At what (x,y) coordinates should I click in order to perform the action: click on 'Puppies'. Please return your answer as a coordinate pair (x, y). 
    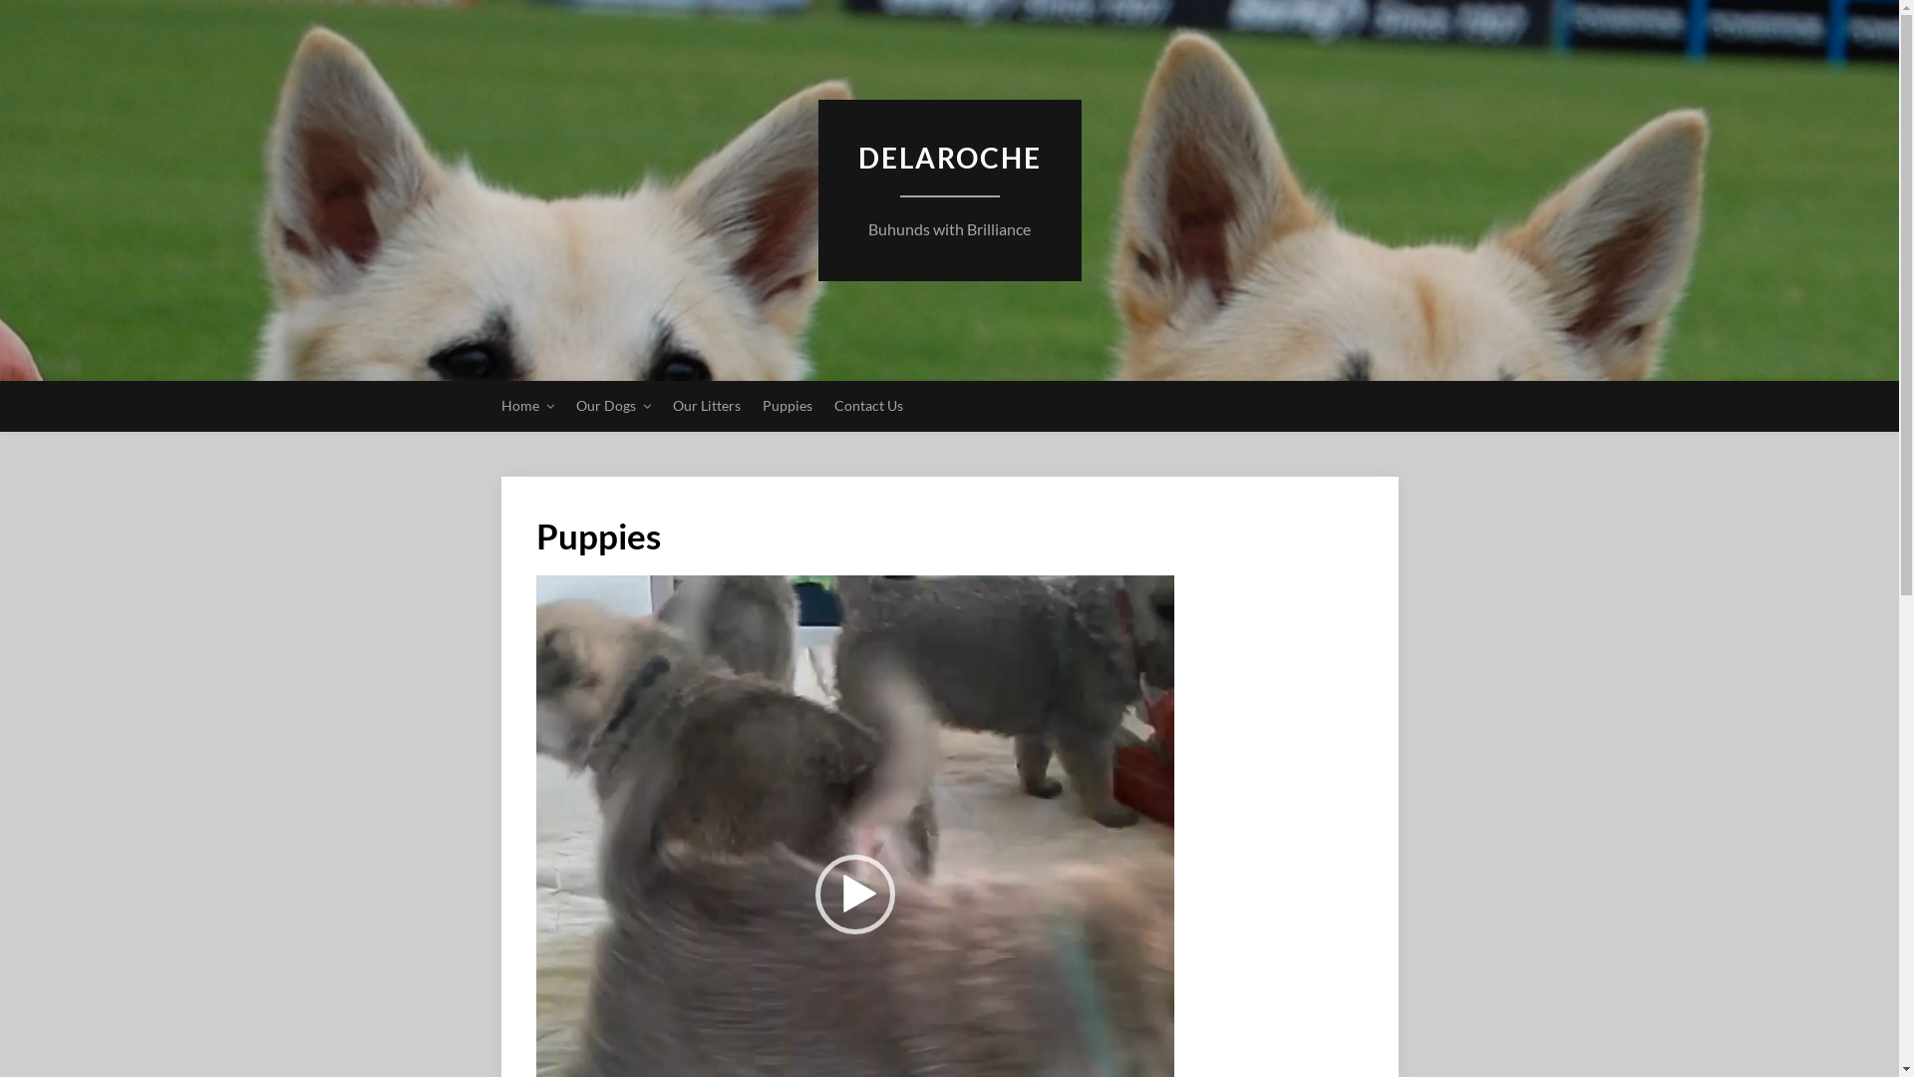
    Looking at the image, I should click on (785, 405).